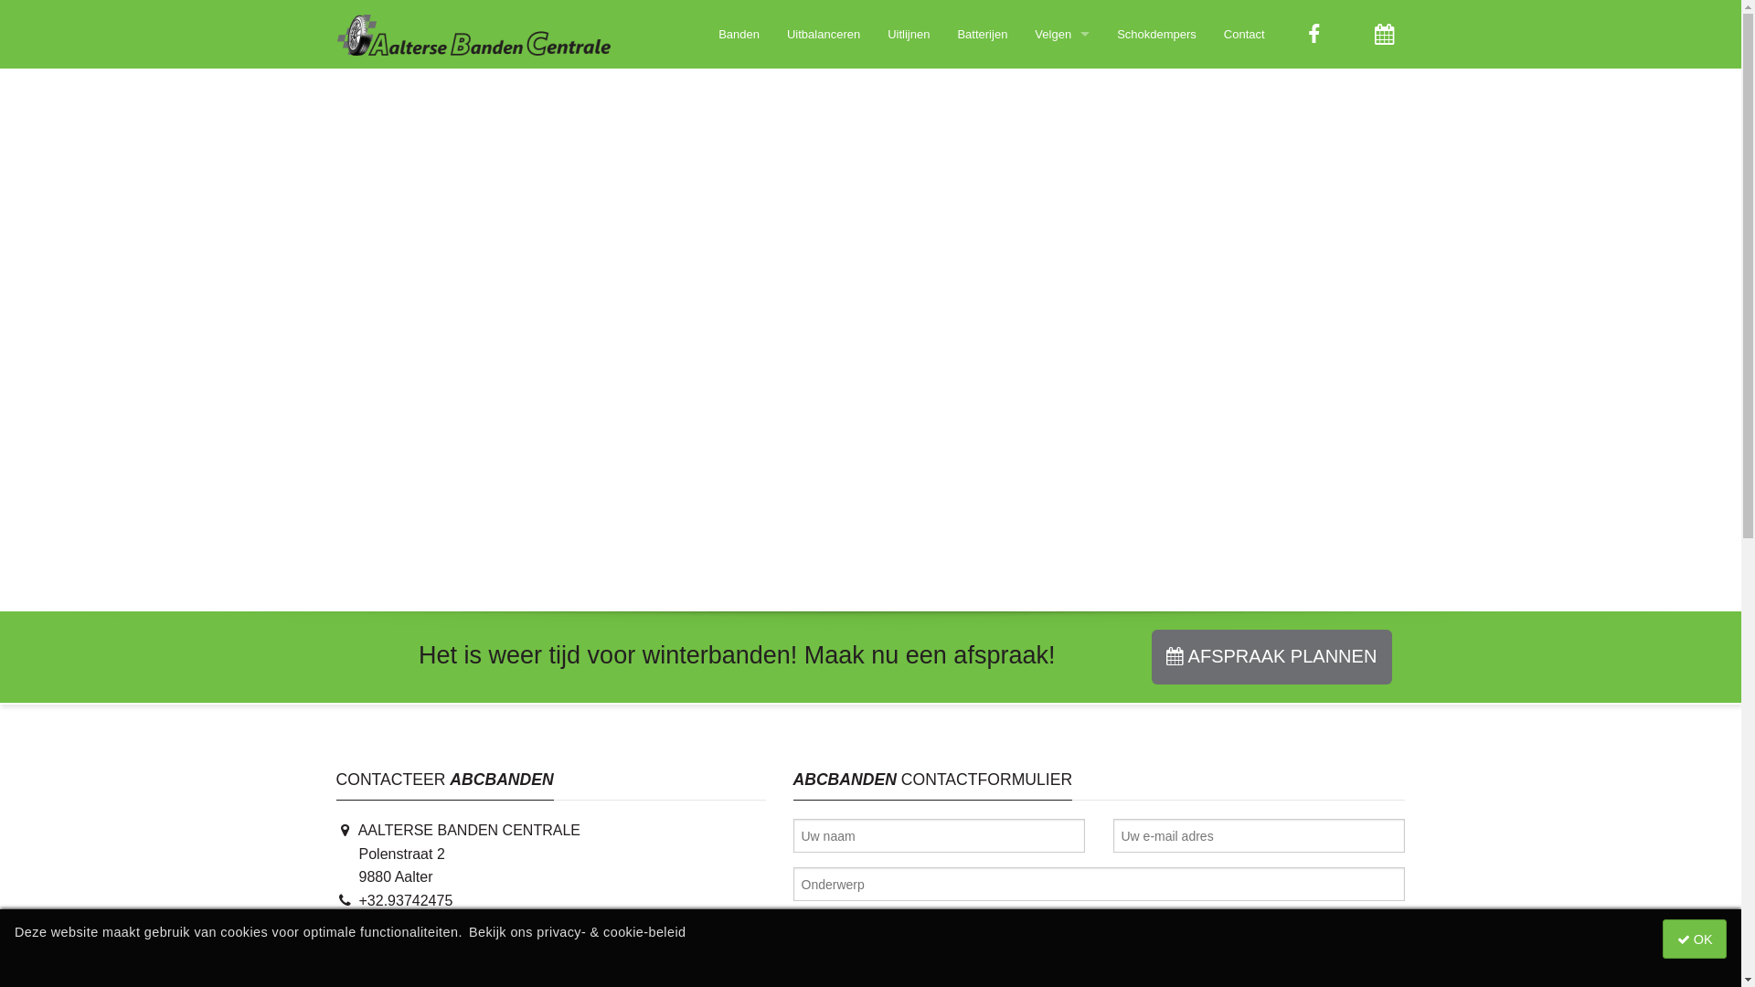 This screenshot has height=987, width=1755. I want to click on 'Uitbalanceren', so click(823, 34).